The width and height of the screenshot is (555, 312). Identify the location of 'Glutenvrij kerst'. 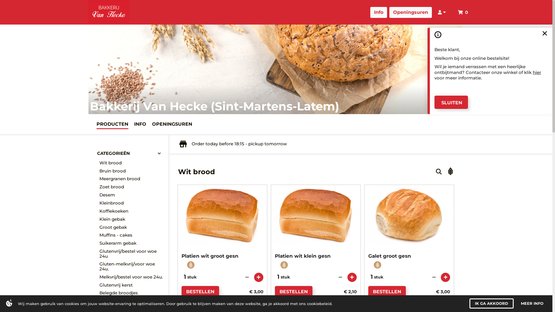
(132, 285).